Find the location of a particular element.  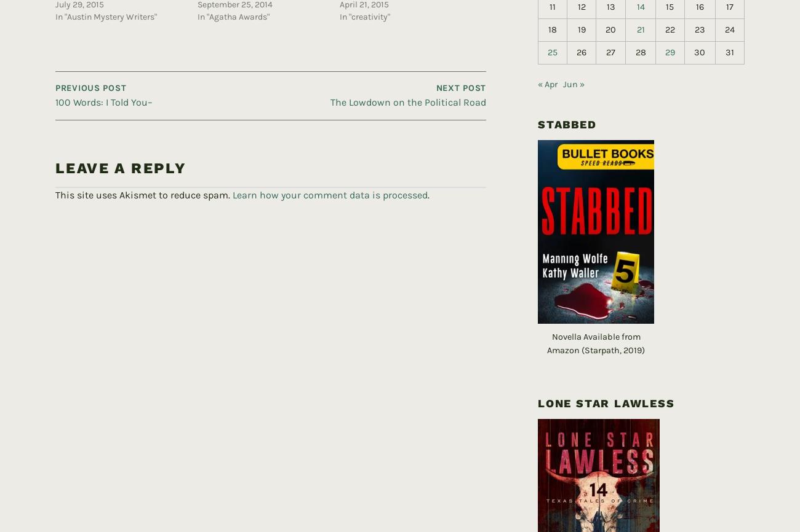

'.' is located at coordinates (428, 174).